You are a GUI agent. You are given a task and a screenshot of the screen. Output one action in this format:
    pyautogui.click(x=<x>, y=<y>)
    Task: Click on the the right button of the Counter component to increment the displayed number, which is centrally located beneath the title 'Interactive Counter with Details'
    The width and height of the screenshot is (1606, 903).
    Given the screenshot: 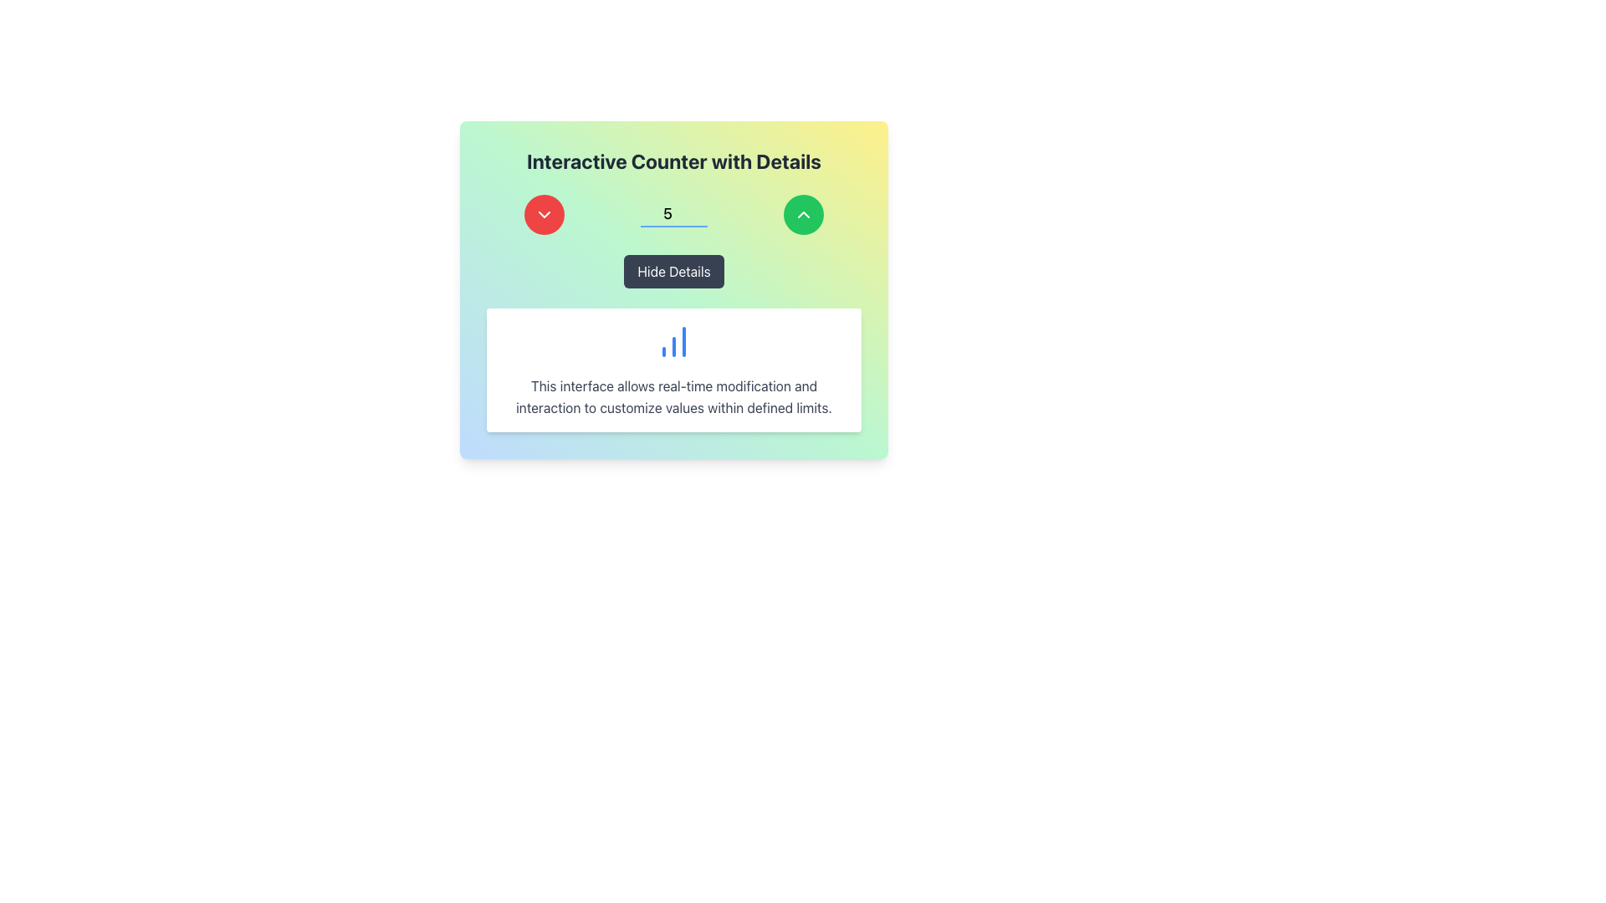 What is the action you would take?
    pyautogui.click(x=674, y=214)
    